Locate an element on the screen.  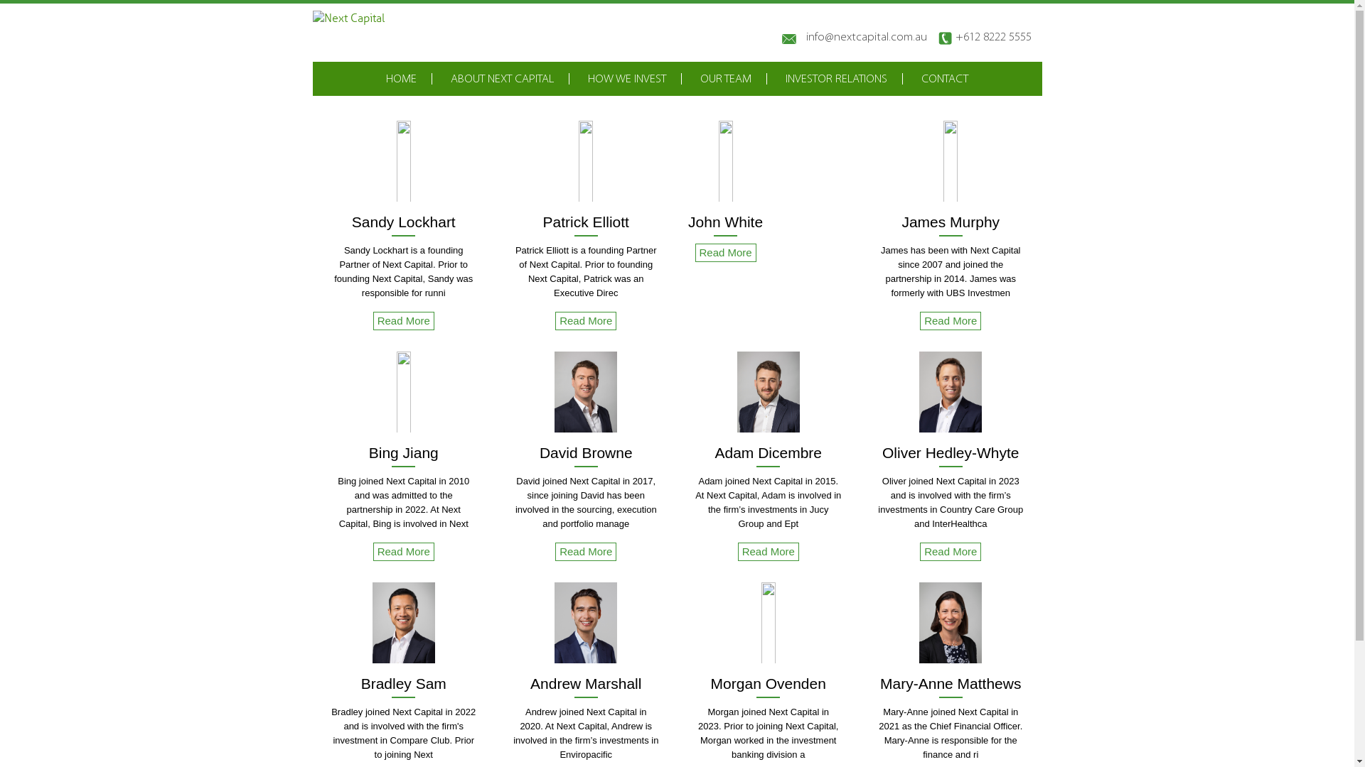
'CONTACT' is located at coordinates (921, 79).